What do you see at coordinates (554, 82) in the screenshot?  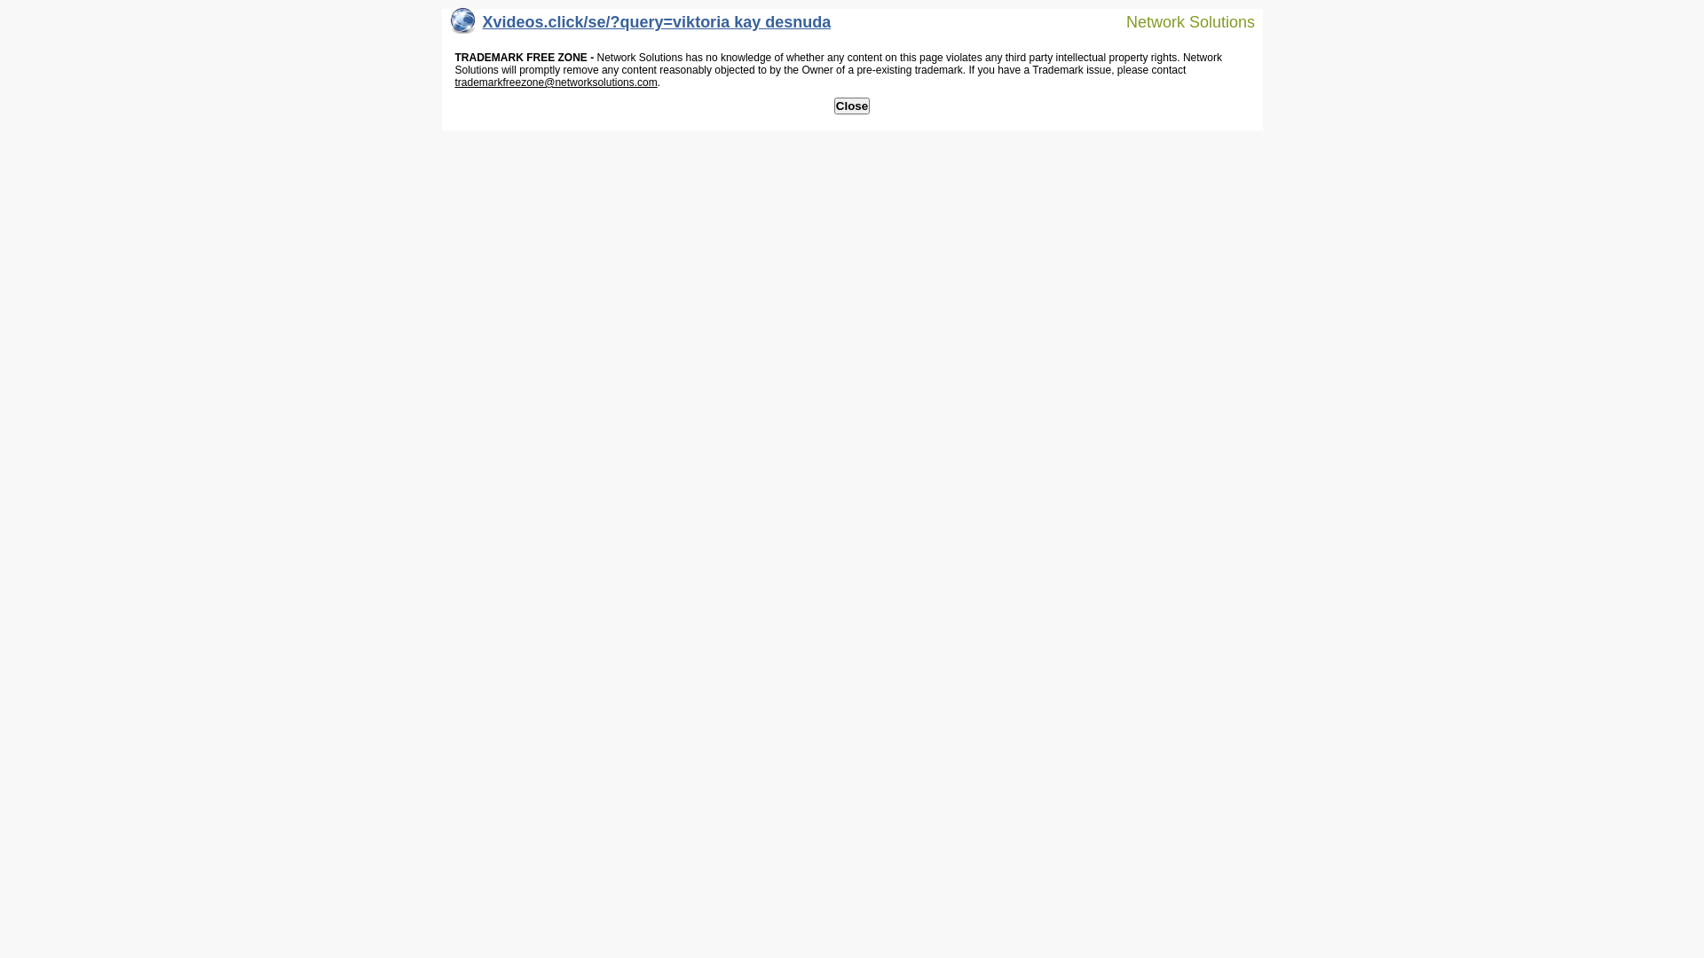 I see `'trademarkfreezone@networksolutions.com'` at bounding box center [554, 82].